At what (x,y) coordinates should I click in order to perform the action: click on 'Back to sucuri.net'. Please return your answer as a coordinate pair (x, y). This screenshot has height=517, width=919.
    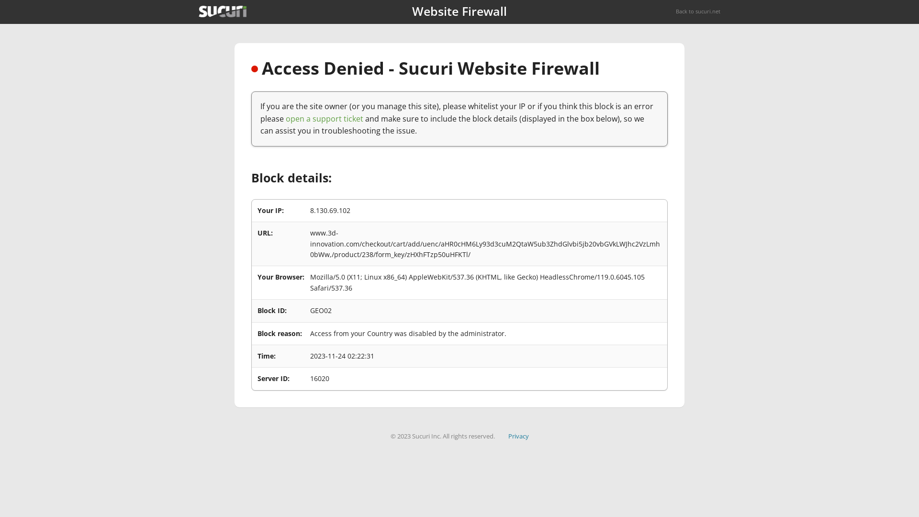
    Looking at the image, I should click on (675, 11).